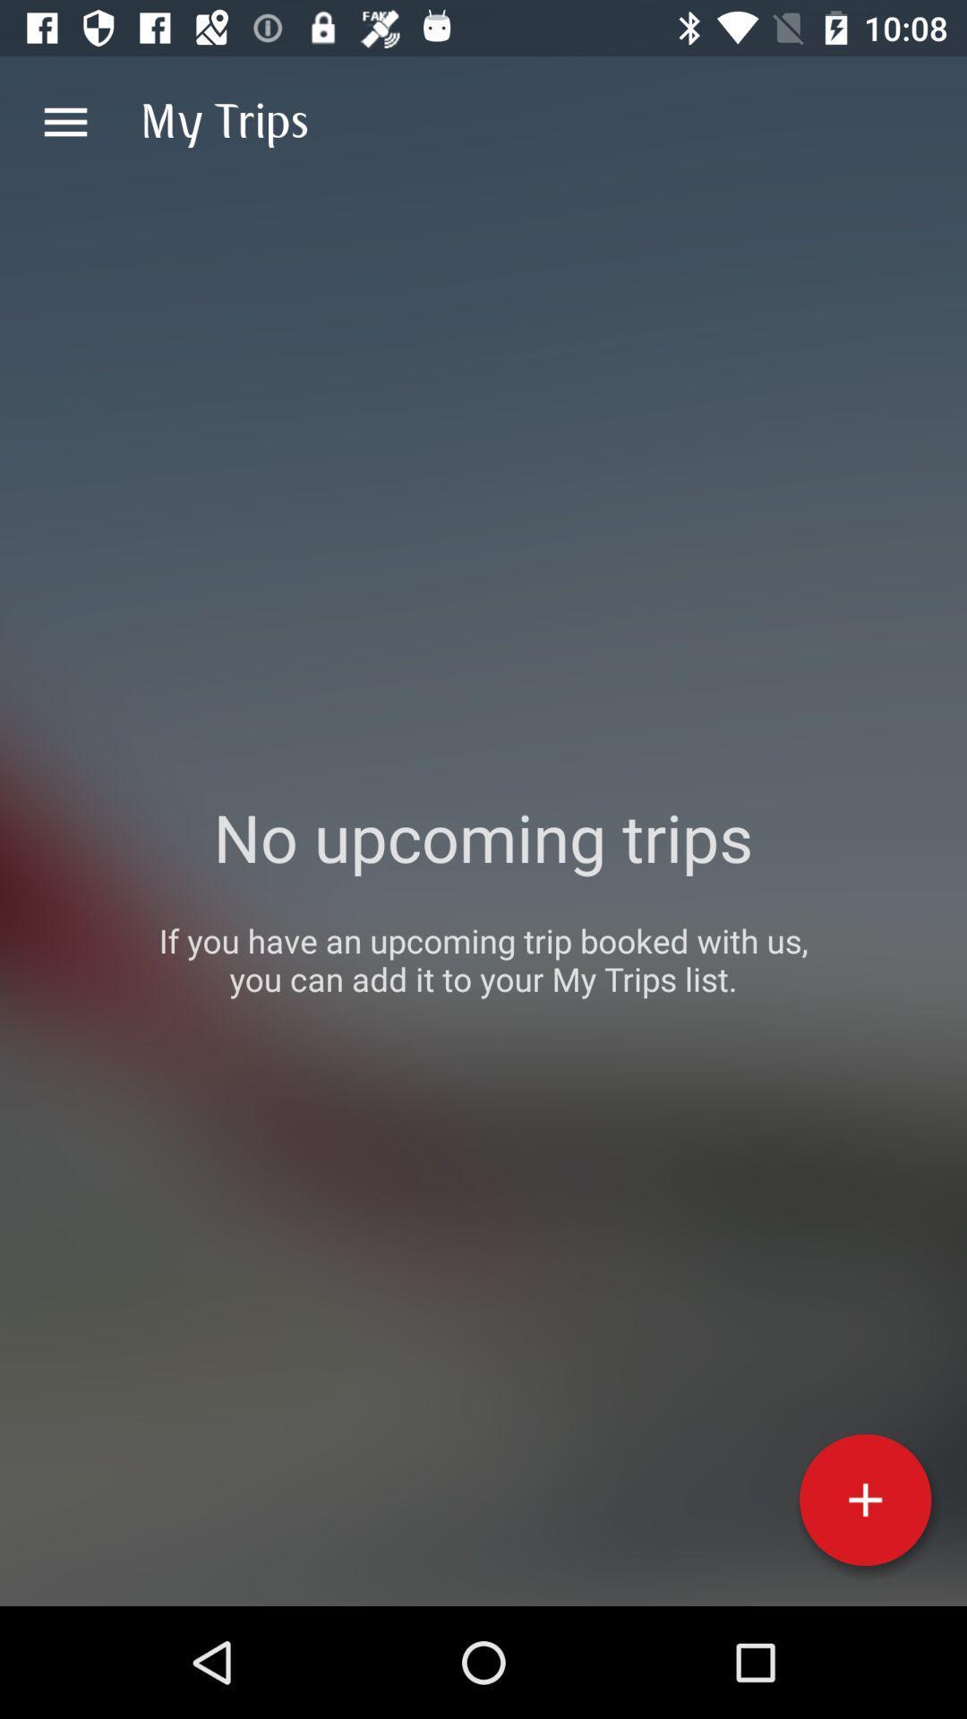 The width and height of the screenshot is (967, 1719). Describe the element at coordinates (64, 121) in the screenshot. I see `main menu` at that location.